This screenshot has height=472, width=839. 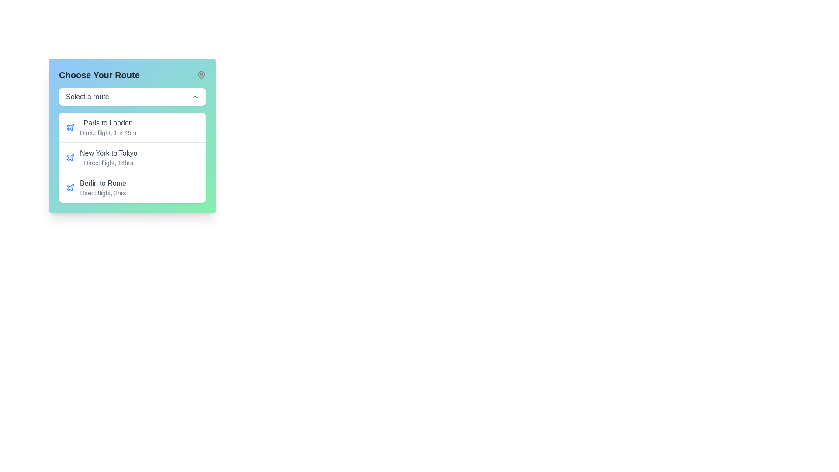 What do you see at coordinates (108, 153) in the screenshot?
I see `text label displaying 'New York to Tokyo' in the dropdown menu, which is styled in medium-sized gray font and positioned between 'Paris to London' and 'Berlin to Rome'` at bounding box center [108, 153].